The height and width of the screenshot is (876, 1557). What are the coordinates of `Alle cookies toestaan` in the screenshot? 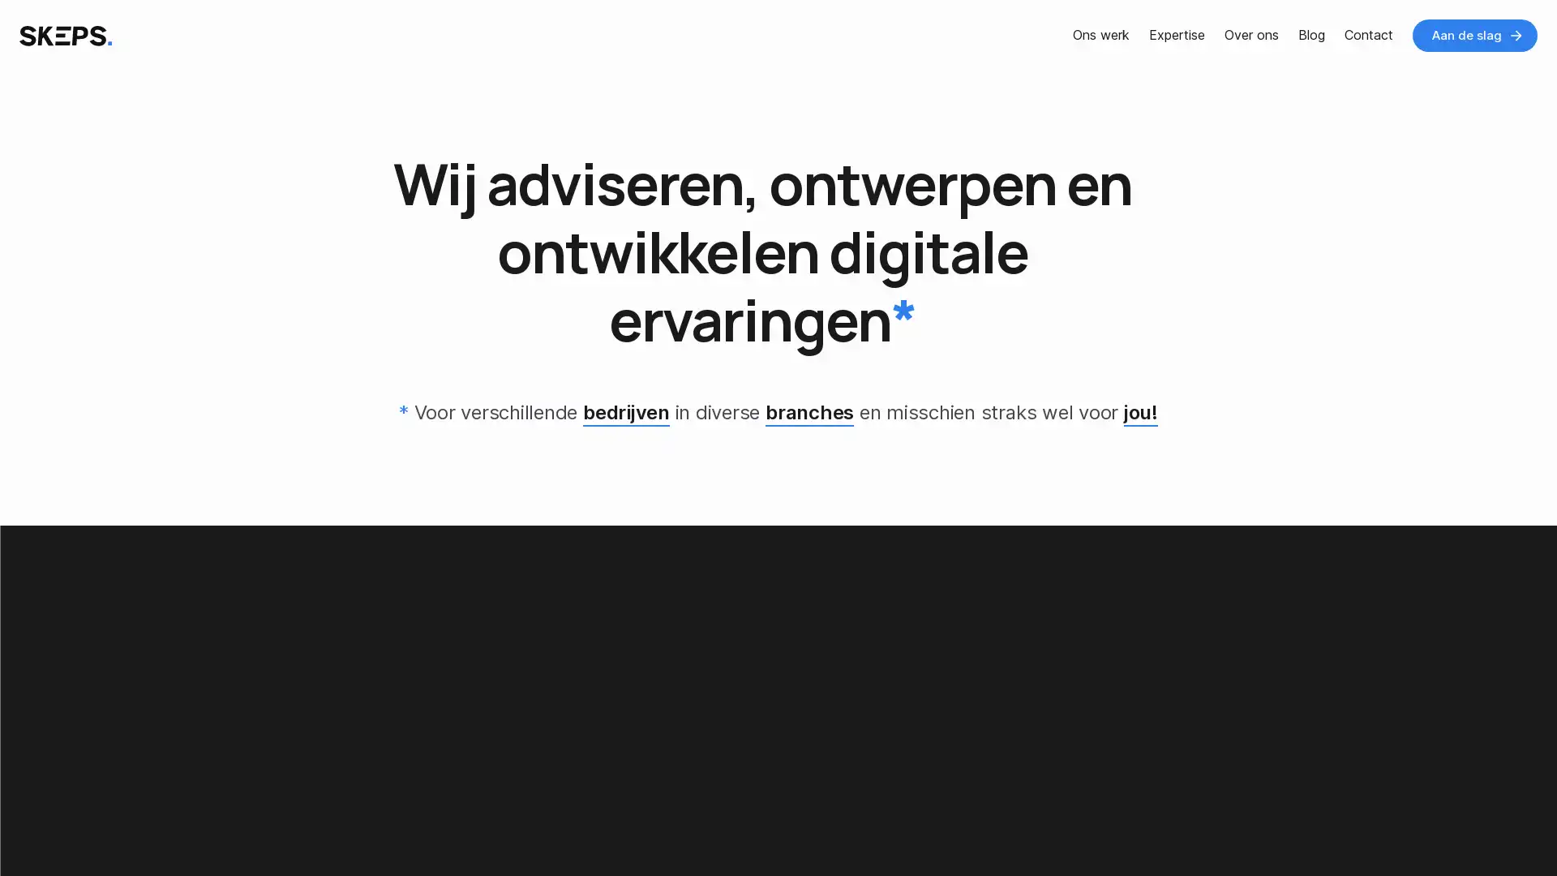 It's located at (320, 830).